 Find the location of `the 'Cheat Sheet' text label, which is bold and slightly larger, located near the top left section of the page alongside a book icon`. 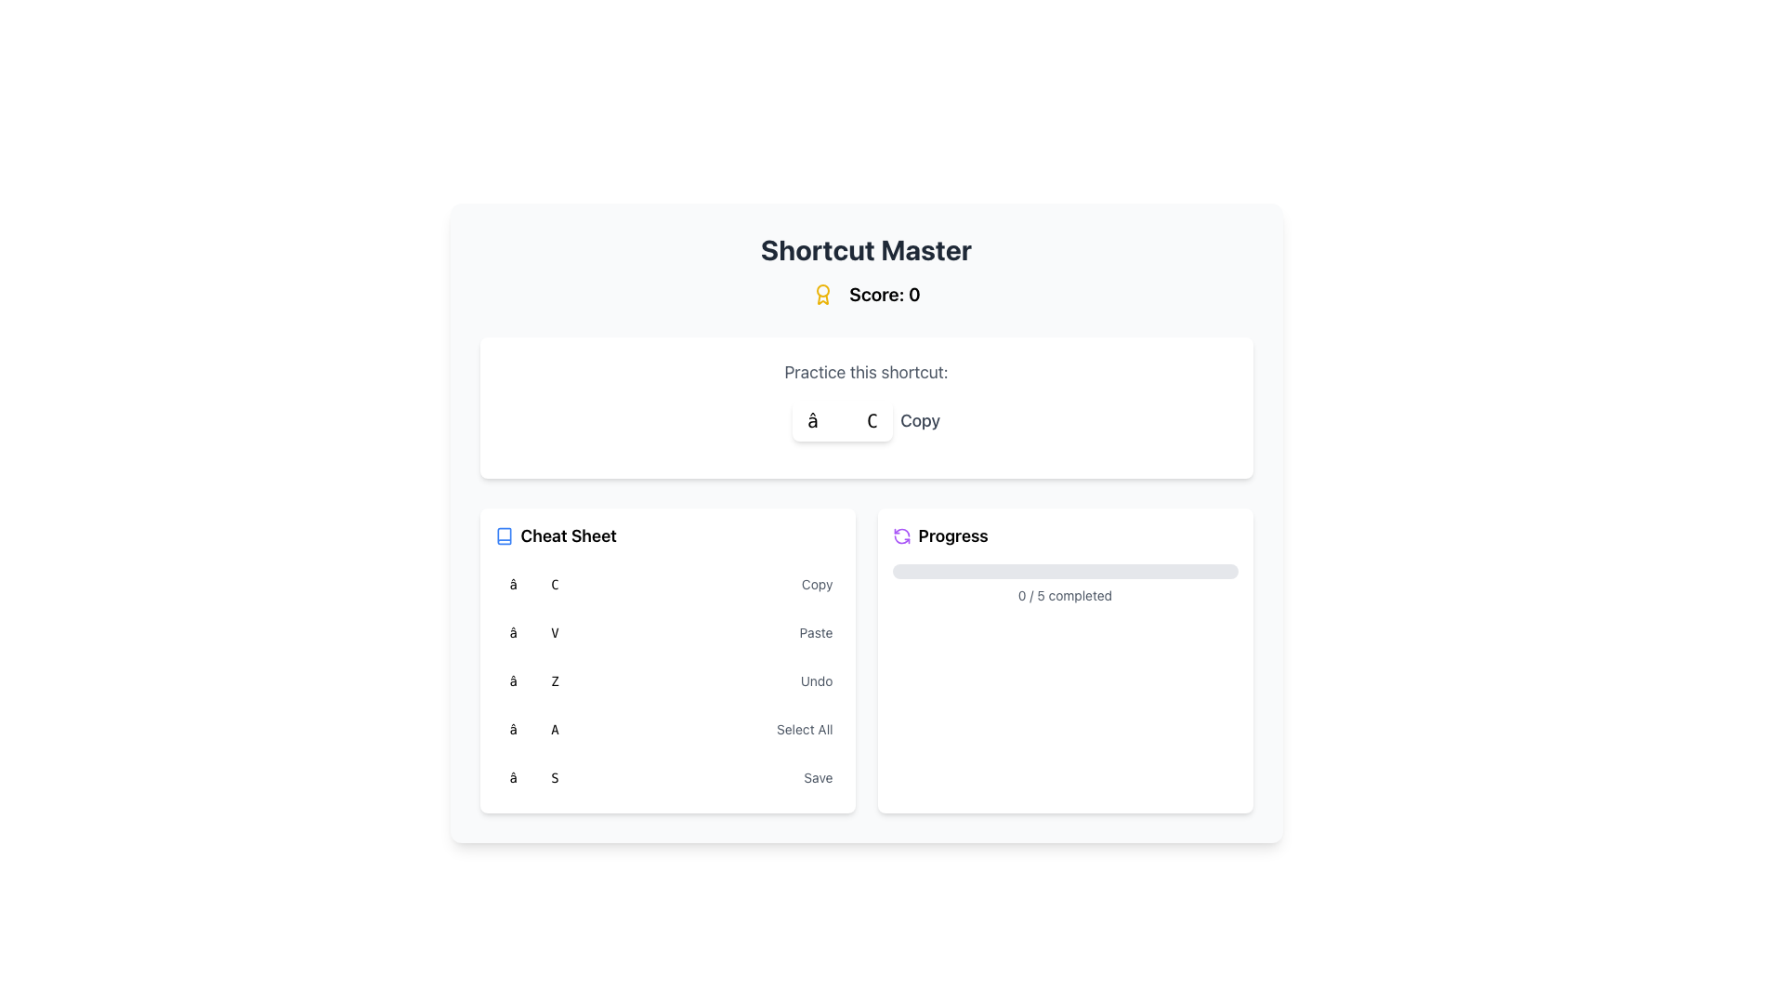

the 'Cheat Sheet' text label, which is bold and slightly larger, located near the top left section of the page alongside a book icon is located at coordinates (568, 536).